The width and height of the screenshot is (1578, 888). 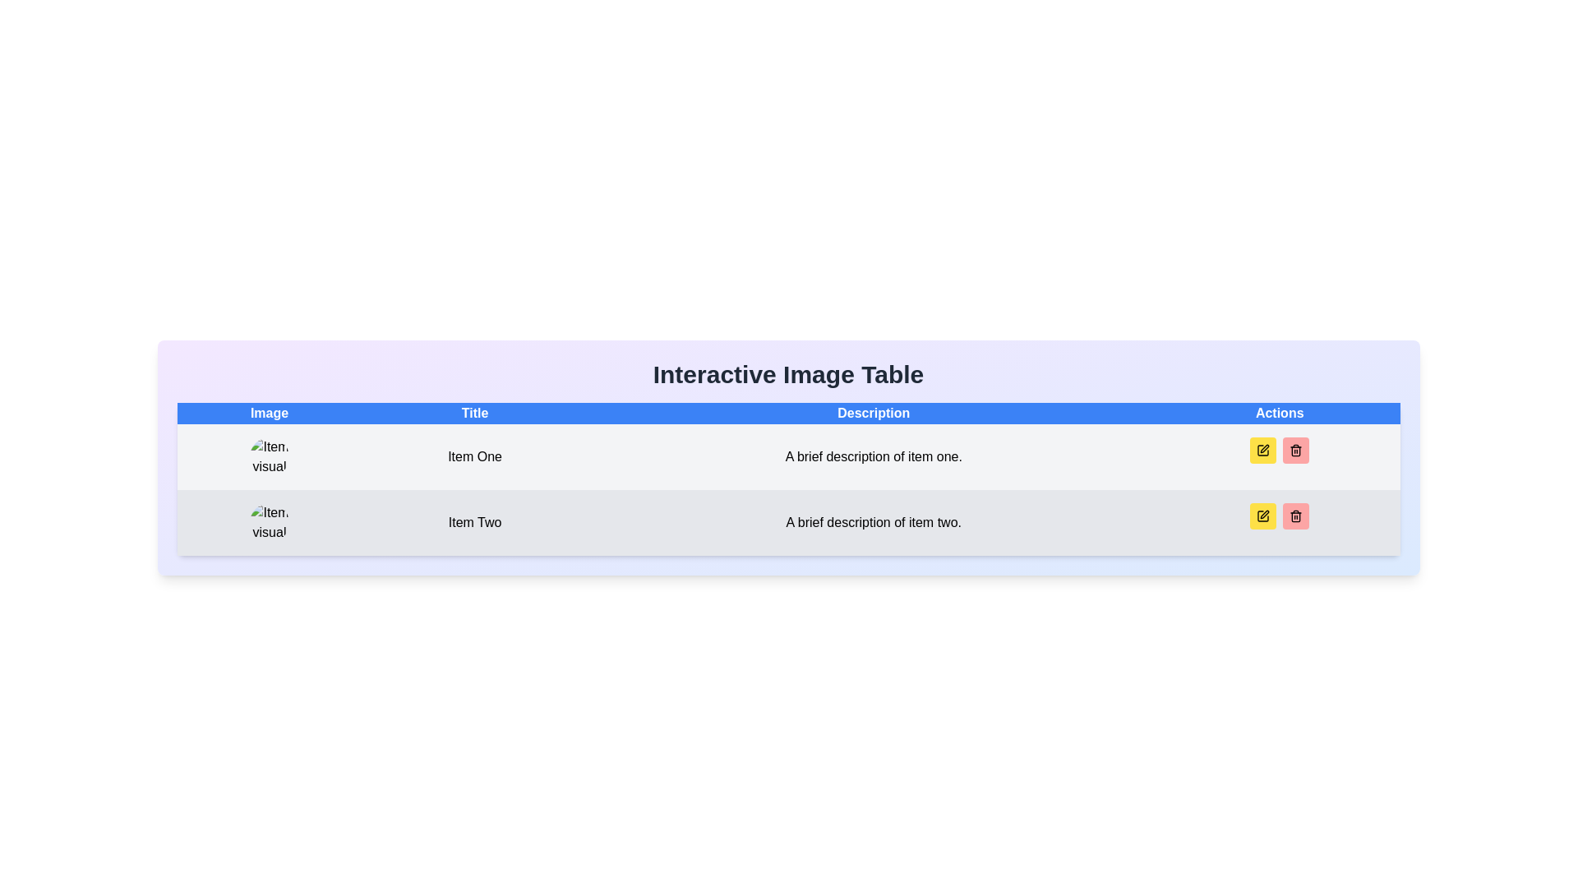 I want to click on the trash icon button in the 'Actions' column of the second row, so click(x=1295, y=450).